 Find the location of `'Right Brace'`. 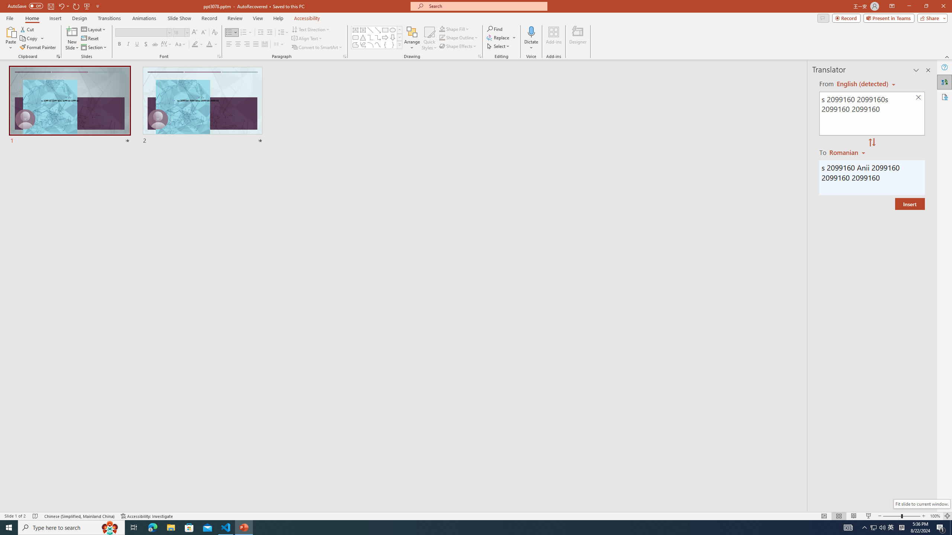

'Right Brace' is located at coordinates (392, 44).